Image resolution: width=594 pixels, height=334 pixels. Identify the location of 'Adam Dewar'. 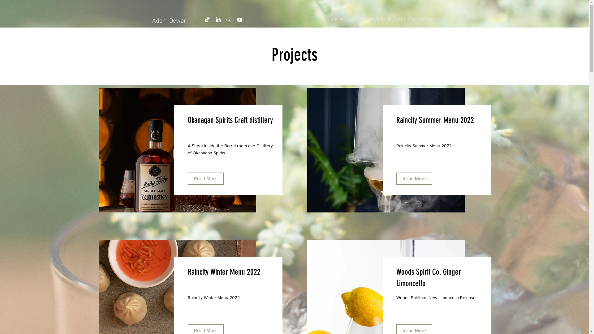
(169, 21).